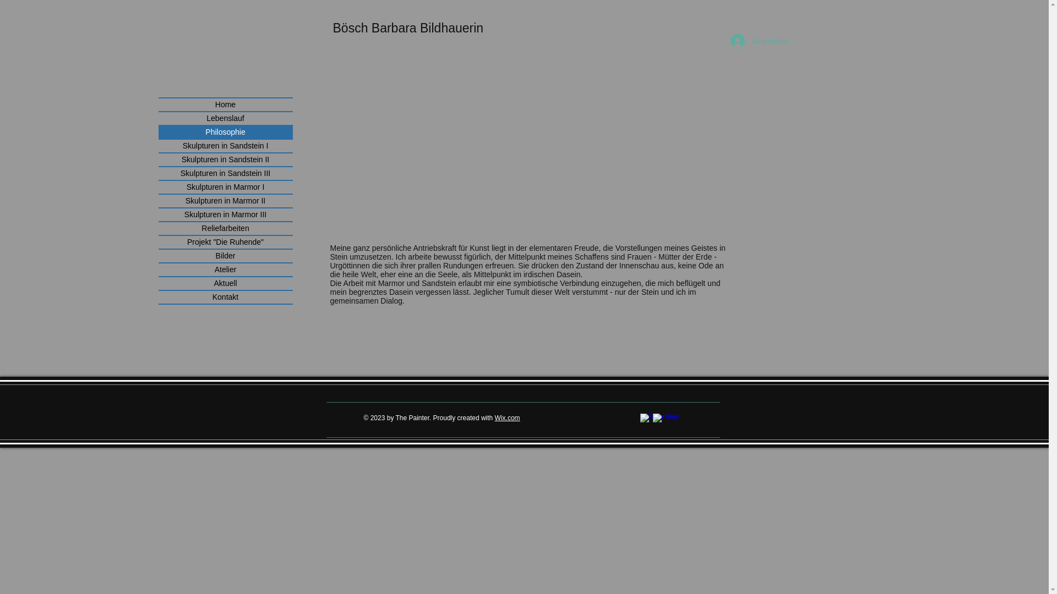 This screenshot has width=1057, height=594. What do you see at coordinates (225, 131) in the screenshot?
I see `'Philosophie'` at bounding box center [225, 131].